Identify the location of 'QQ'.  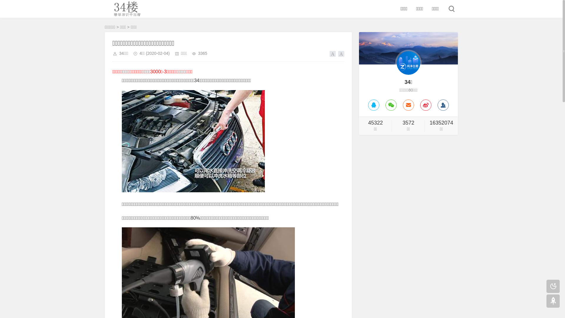
(373, 105).